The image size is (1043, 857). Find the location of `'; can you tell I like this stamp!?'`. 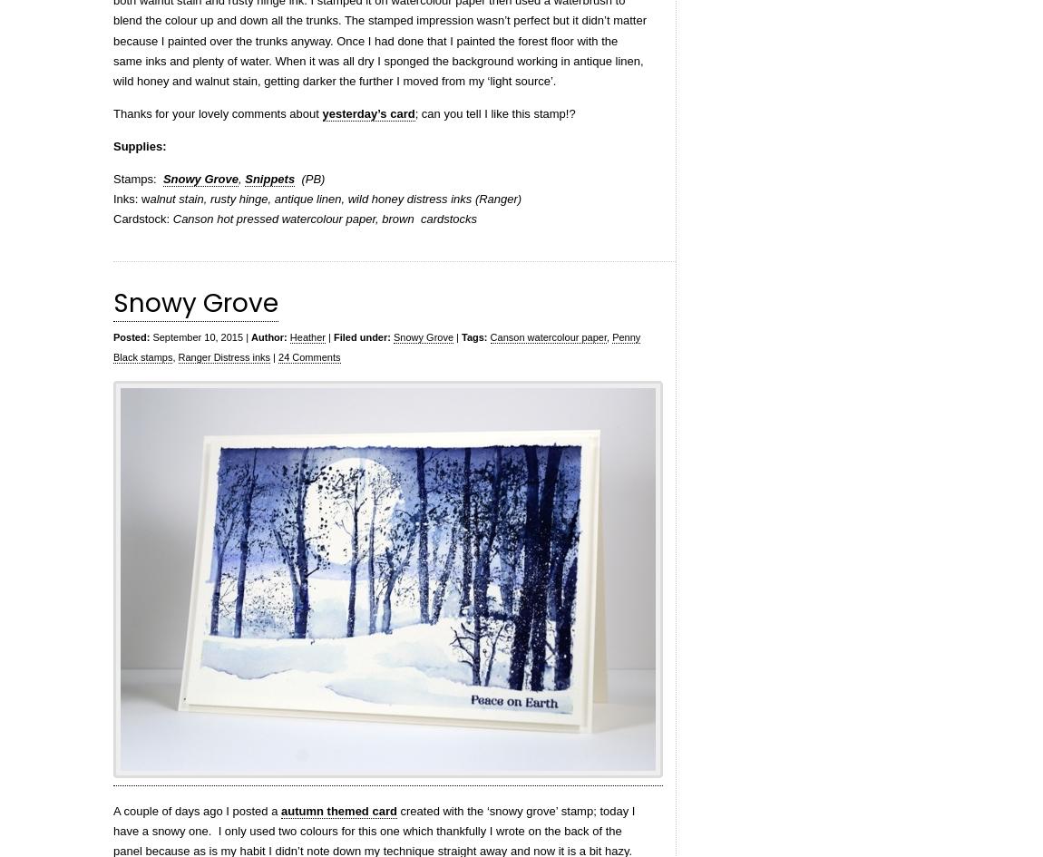

'; can you tell I like this stamp!?' is located at coordinates (494, 112).